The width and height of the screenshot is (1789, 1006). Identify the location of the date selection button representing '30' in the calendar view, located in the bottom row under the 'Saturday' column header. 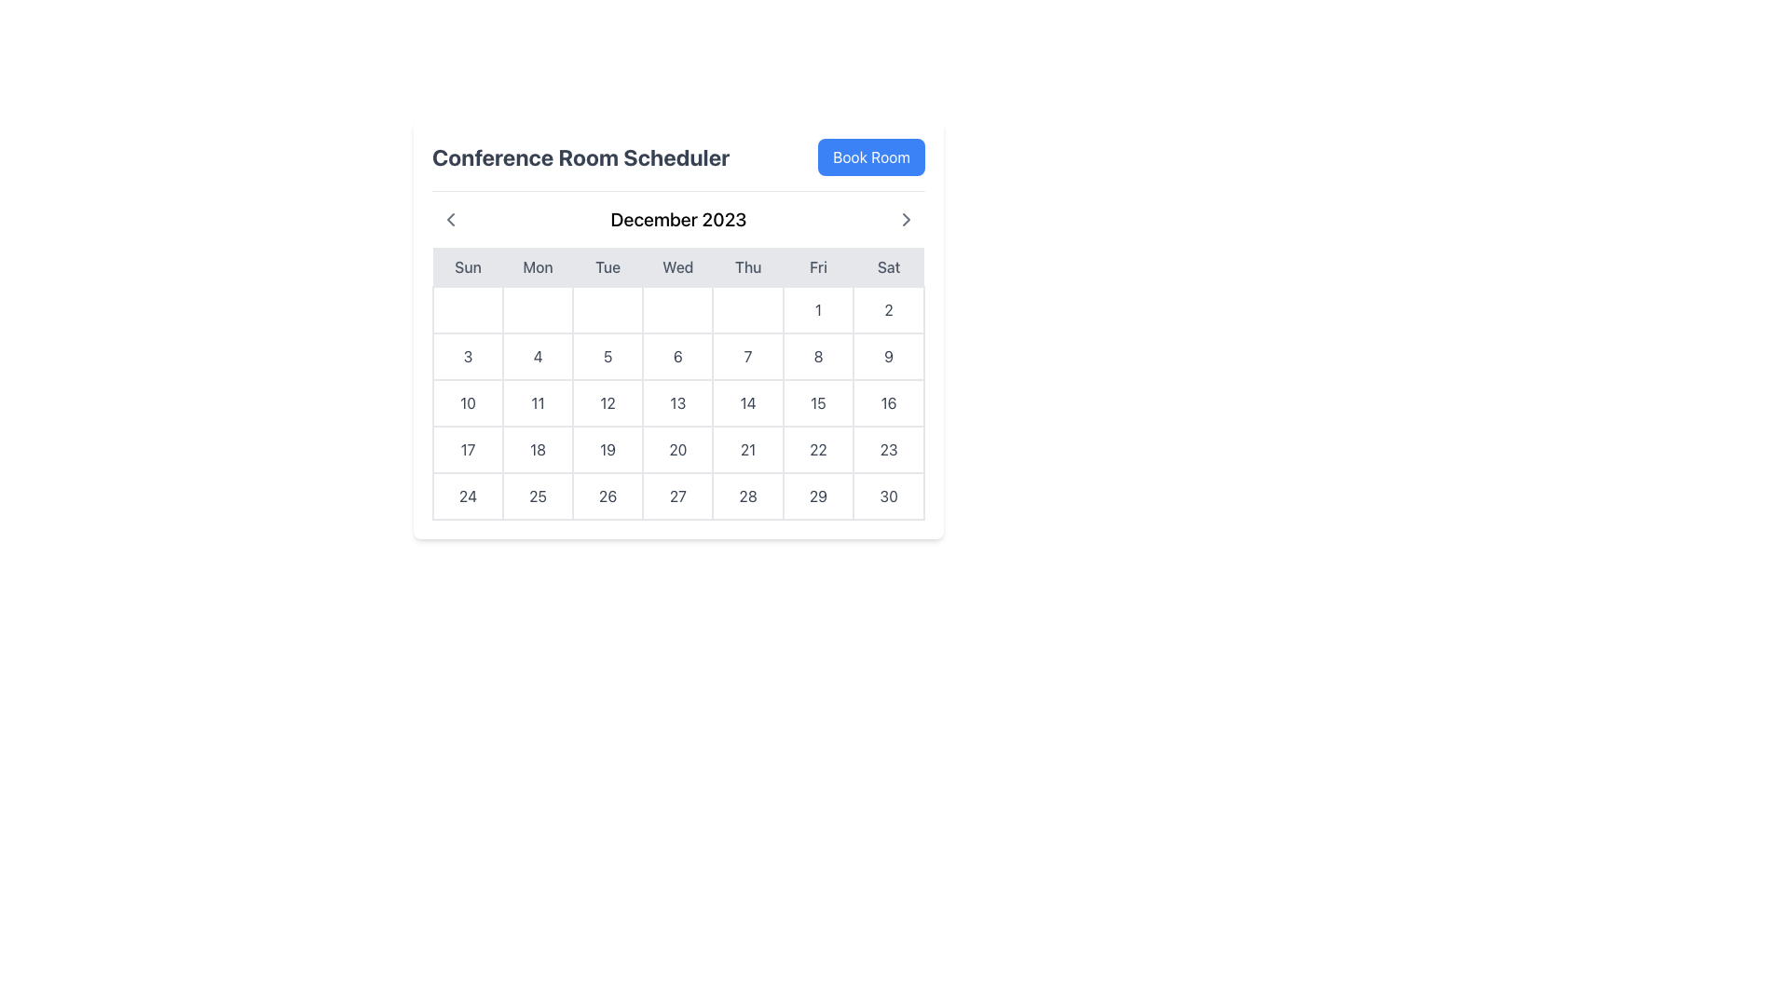
(888, 495).